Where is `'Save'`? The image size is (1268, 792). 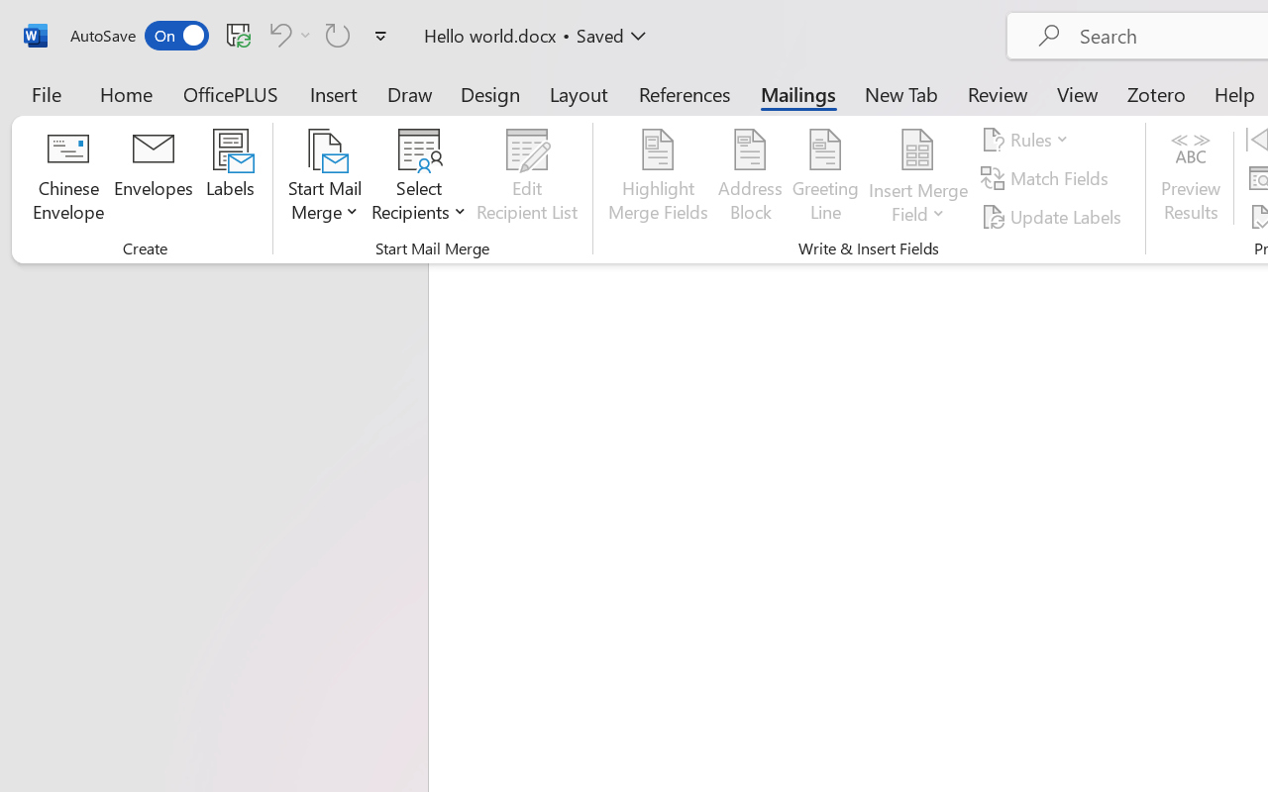 'Save' is located at coordinates (238, 34).